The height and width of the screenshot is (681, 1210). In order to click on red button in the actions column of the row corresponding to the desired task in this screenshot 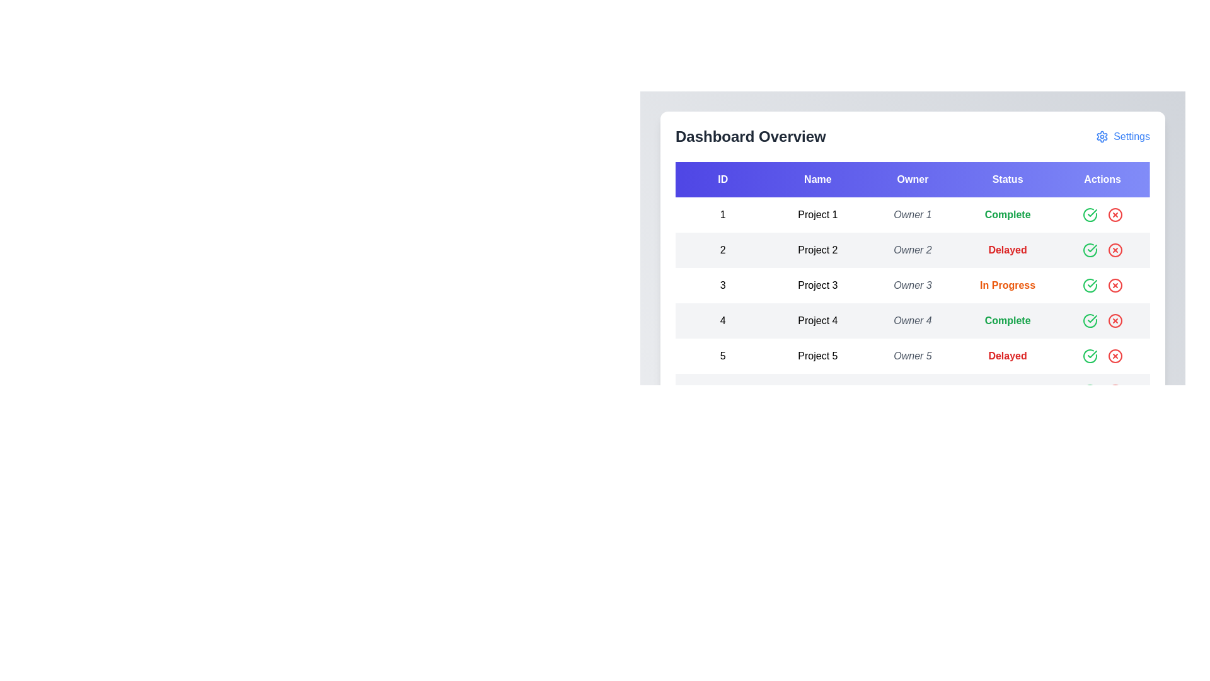, I will do `click(1115, 214)`.